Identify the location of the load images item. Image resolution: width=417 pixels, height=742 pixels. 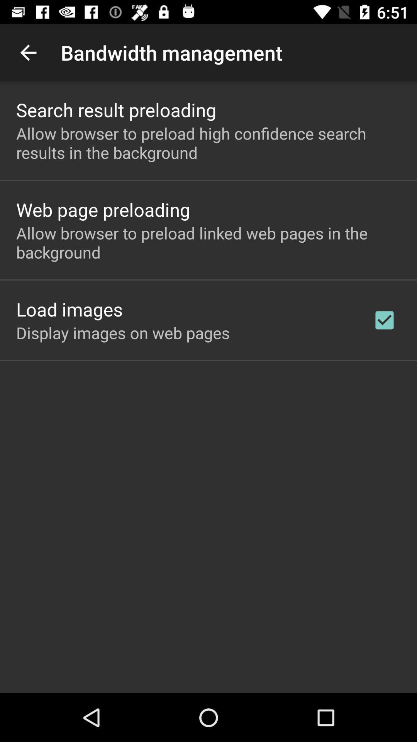
(69, 309).